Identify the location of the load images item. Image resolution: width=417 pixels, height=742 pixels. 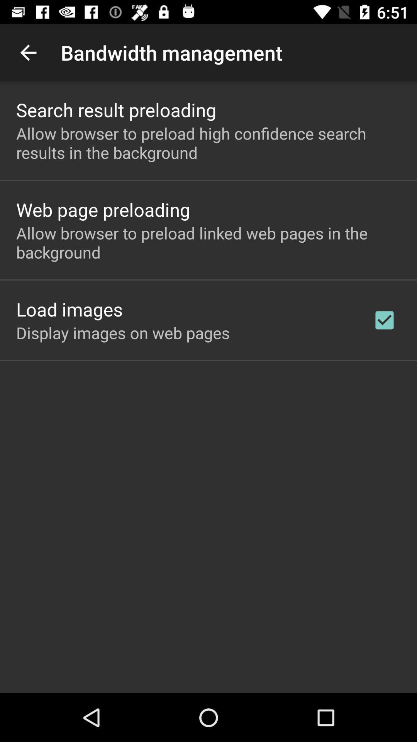
(69, 309).